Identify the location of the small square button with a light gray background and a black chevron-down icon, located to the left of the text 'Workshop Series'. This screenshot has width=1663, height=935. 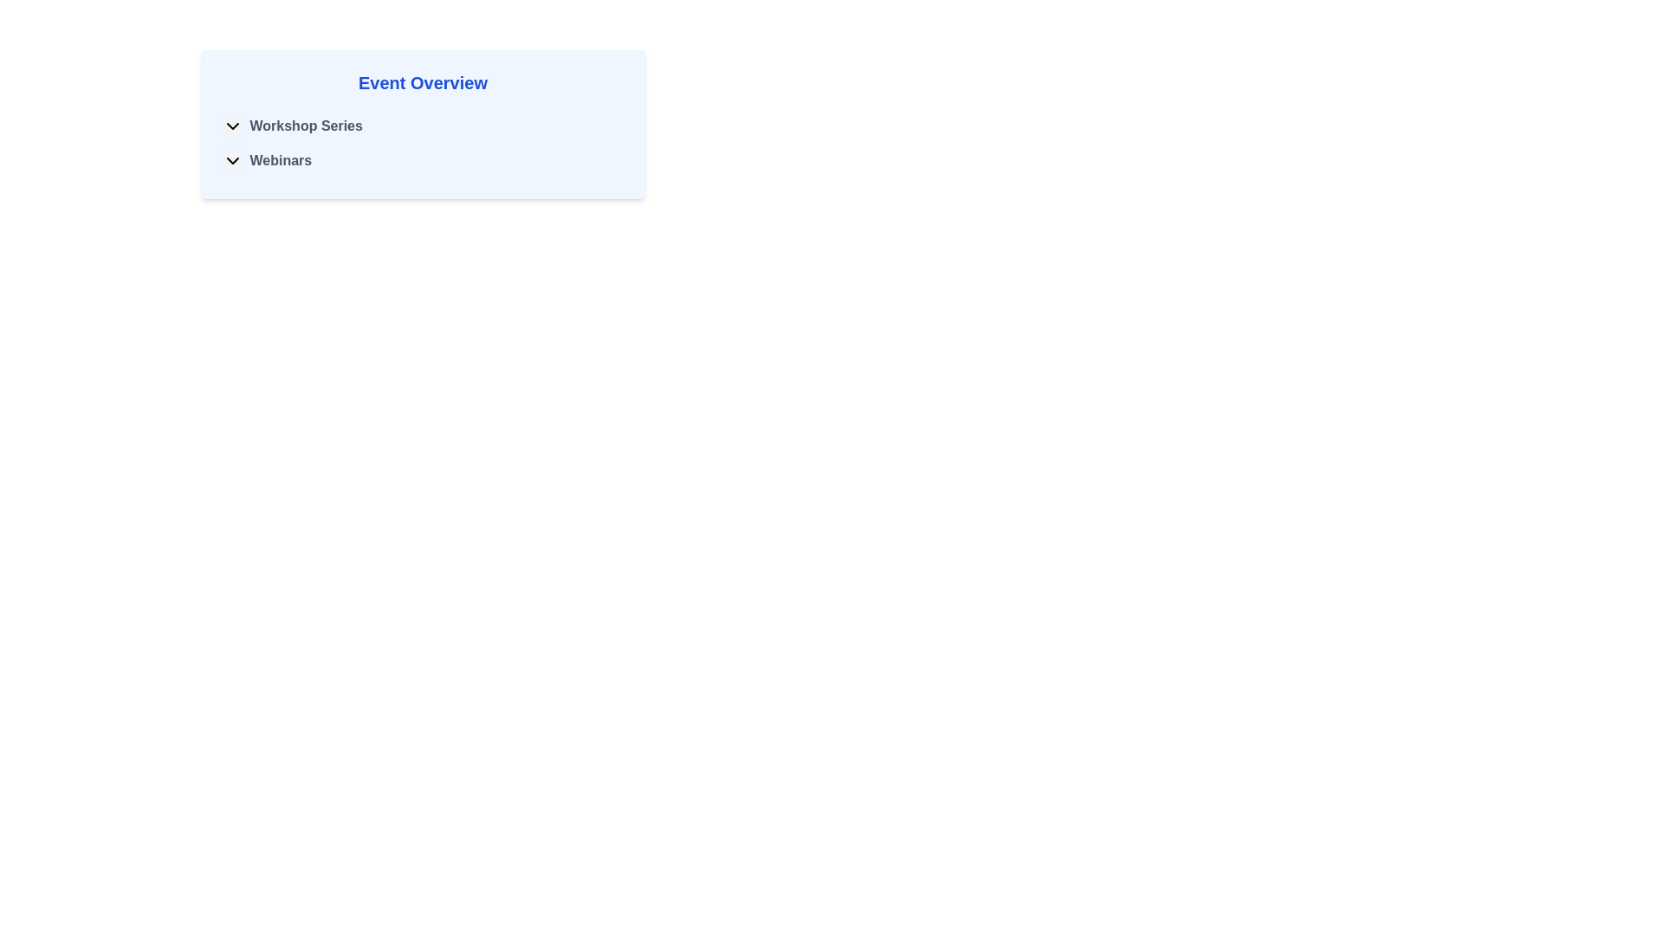
(231, 126).